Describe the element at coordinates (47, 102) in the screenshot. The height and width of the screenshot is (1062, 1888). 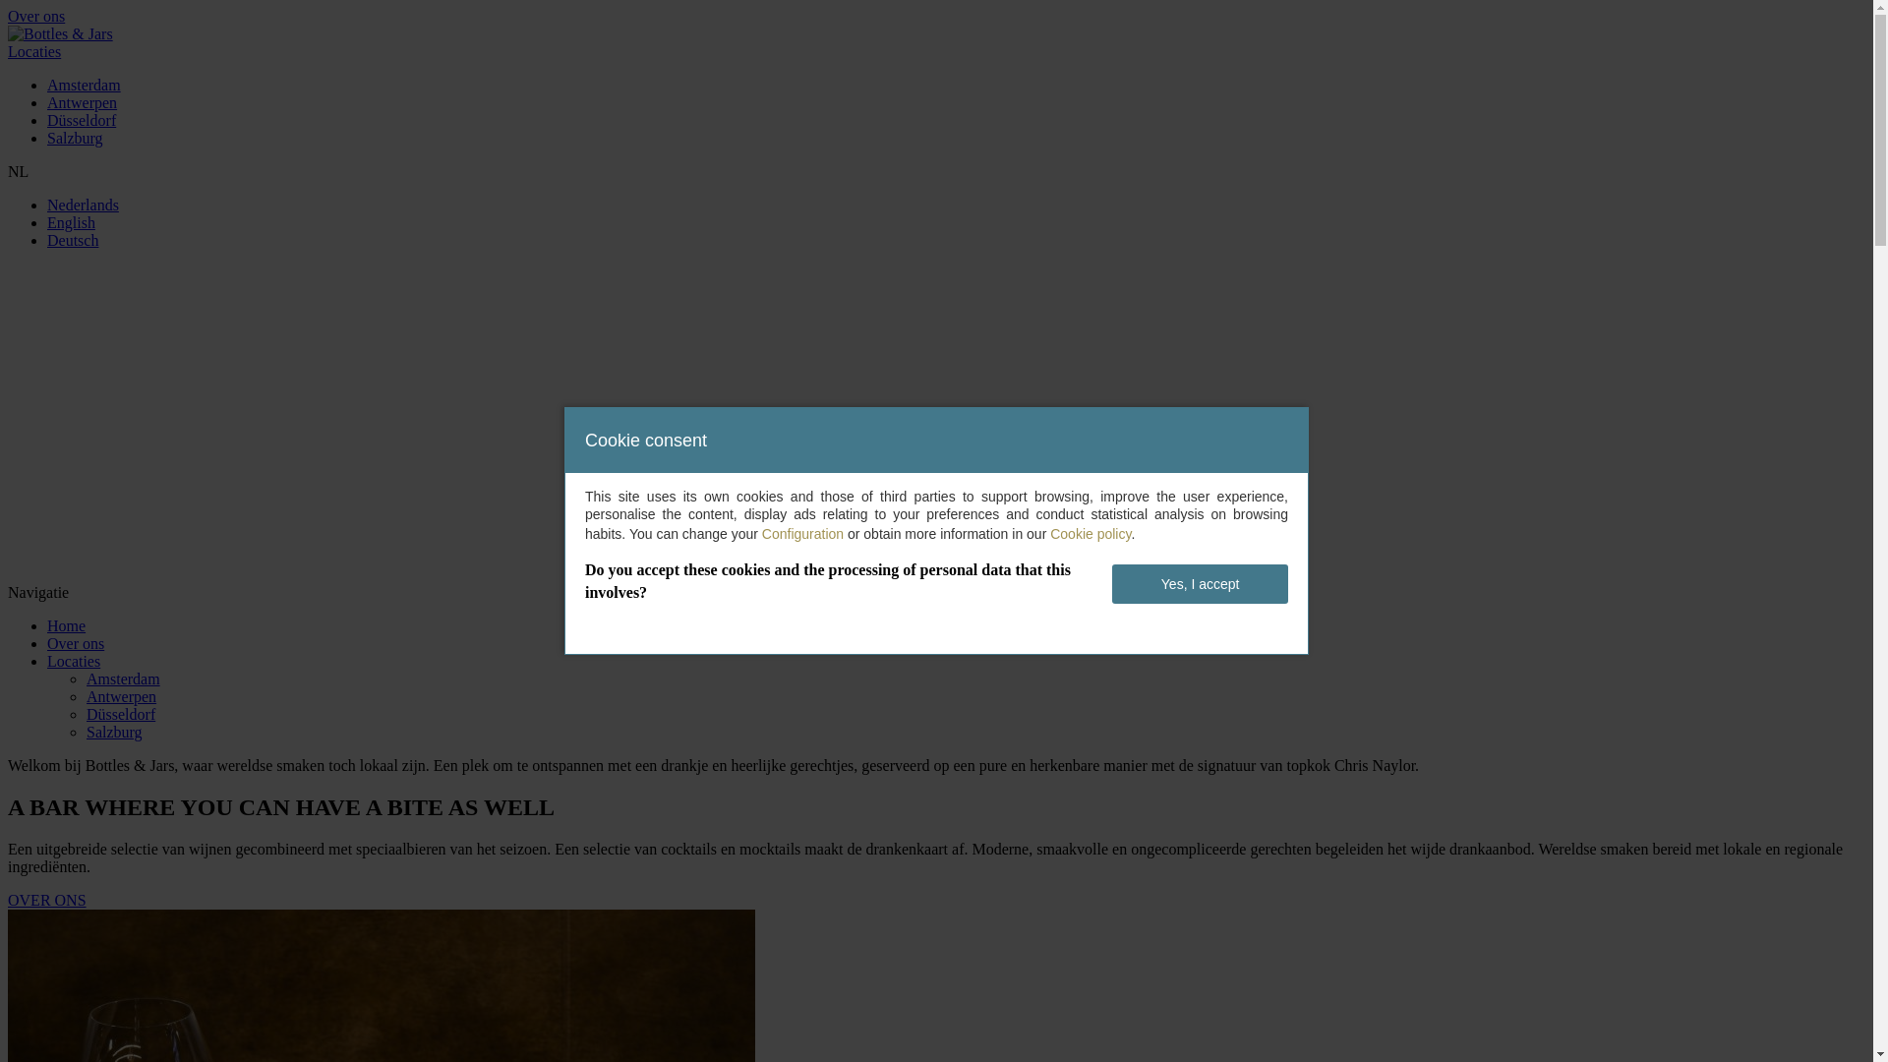
I see `'Antwerpen'` at that location.